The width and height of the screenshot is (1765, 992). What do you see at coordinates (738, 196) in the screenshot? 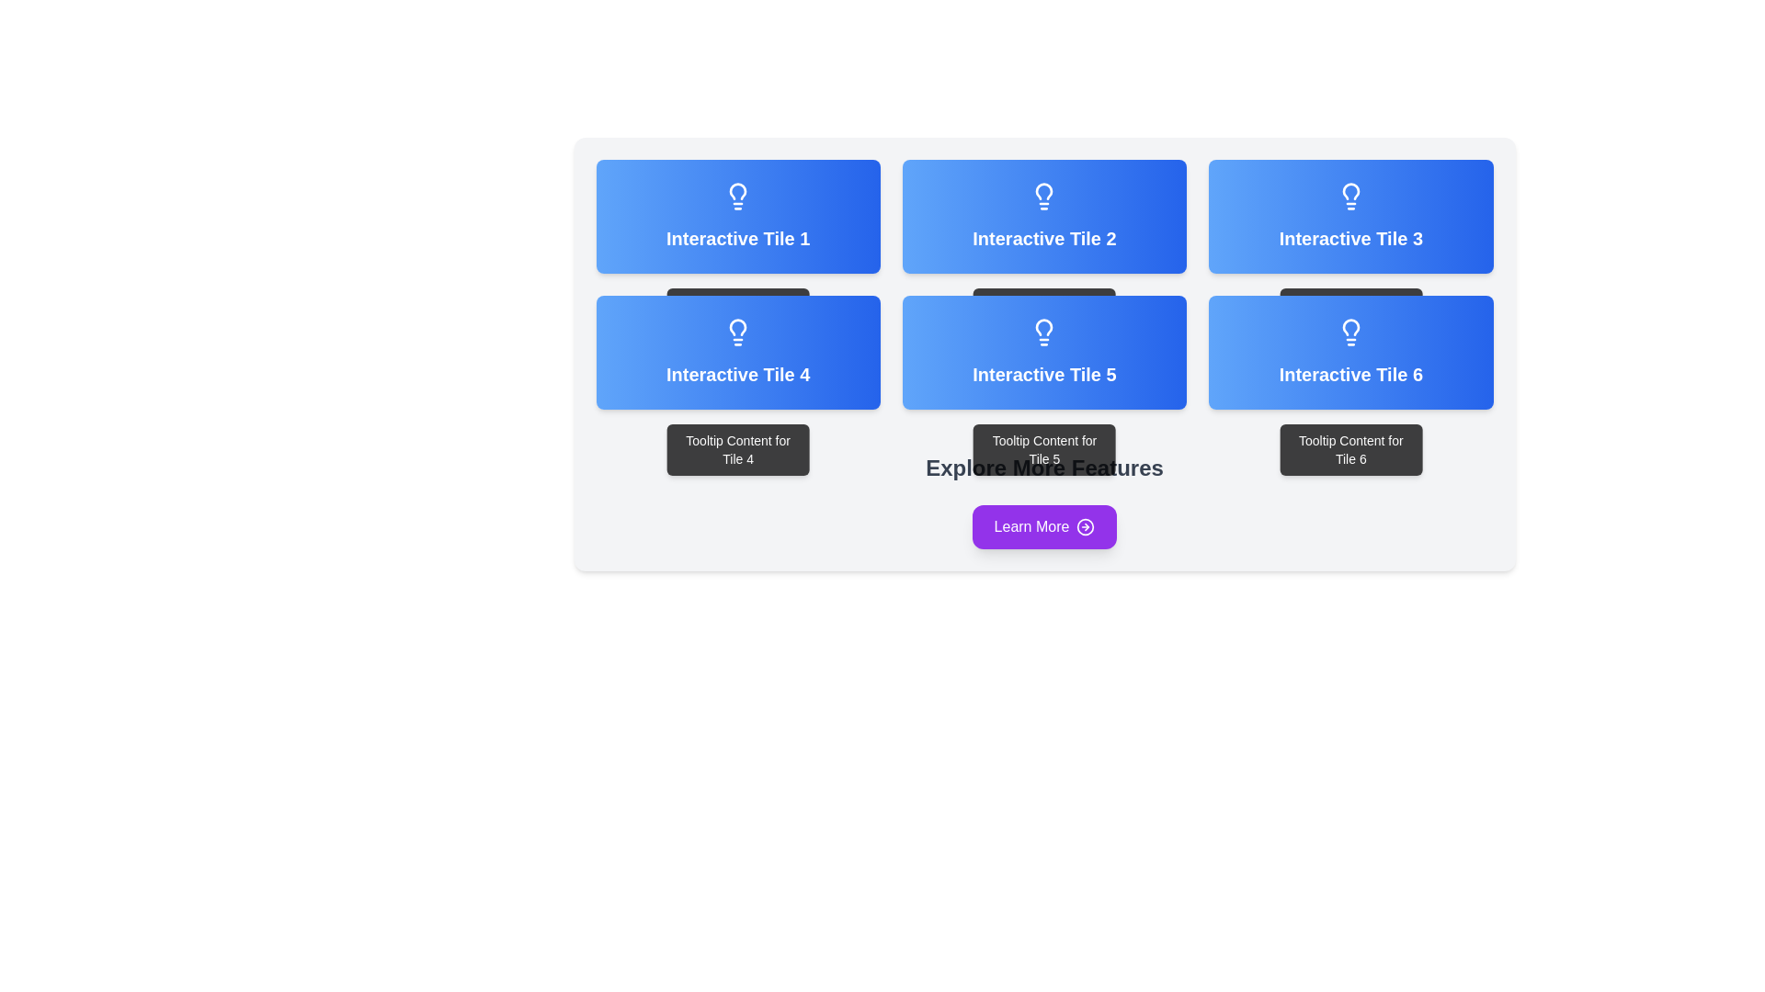
I see `the decorative icon located in the top-left tile of the 2x3 grid layout, which represents a feature related to 'Interactive Tile 1'` at bounding box center [738, 196].